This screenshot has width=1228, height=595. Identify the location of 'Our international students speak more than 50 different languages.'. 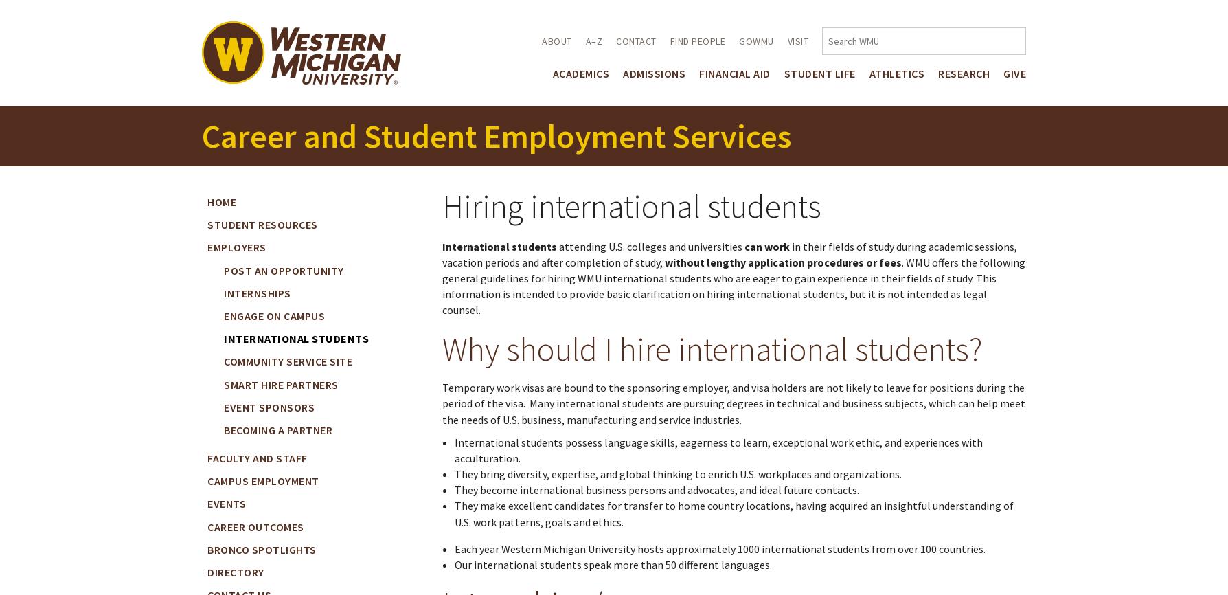
(612, 564).